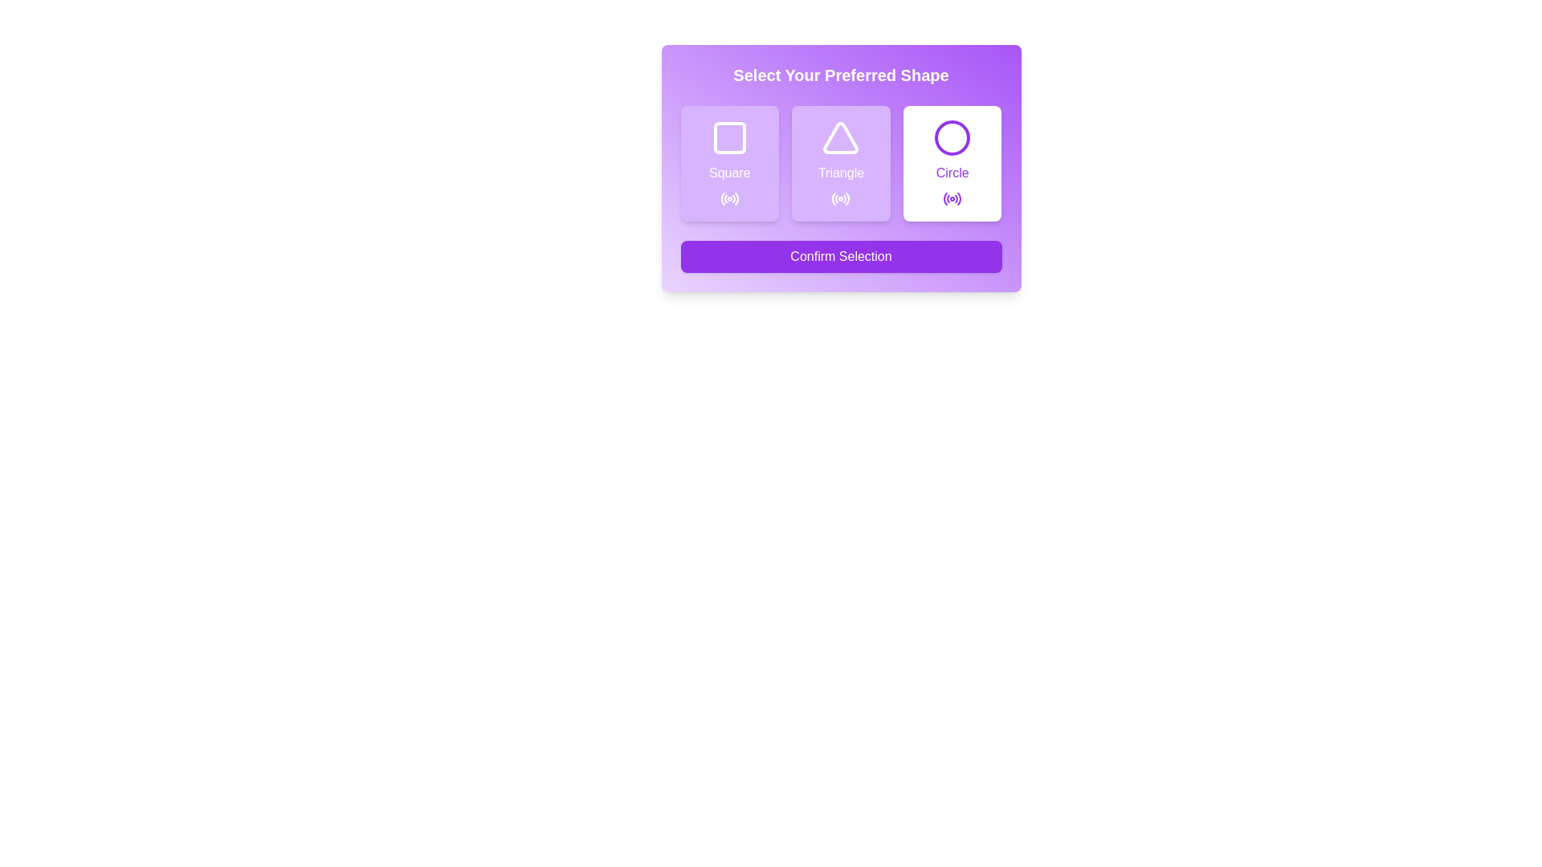  Describe the element at coordinates (840, 197) in the screenshot. I see `the icon indicating the 'Triangle' option, which is the third icon beneath the triangle illustration within its card` at that location.